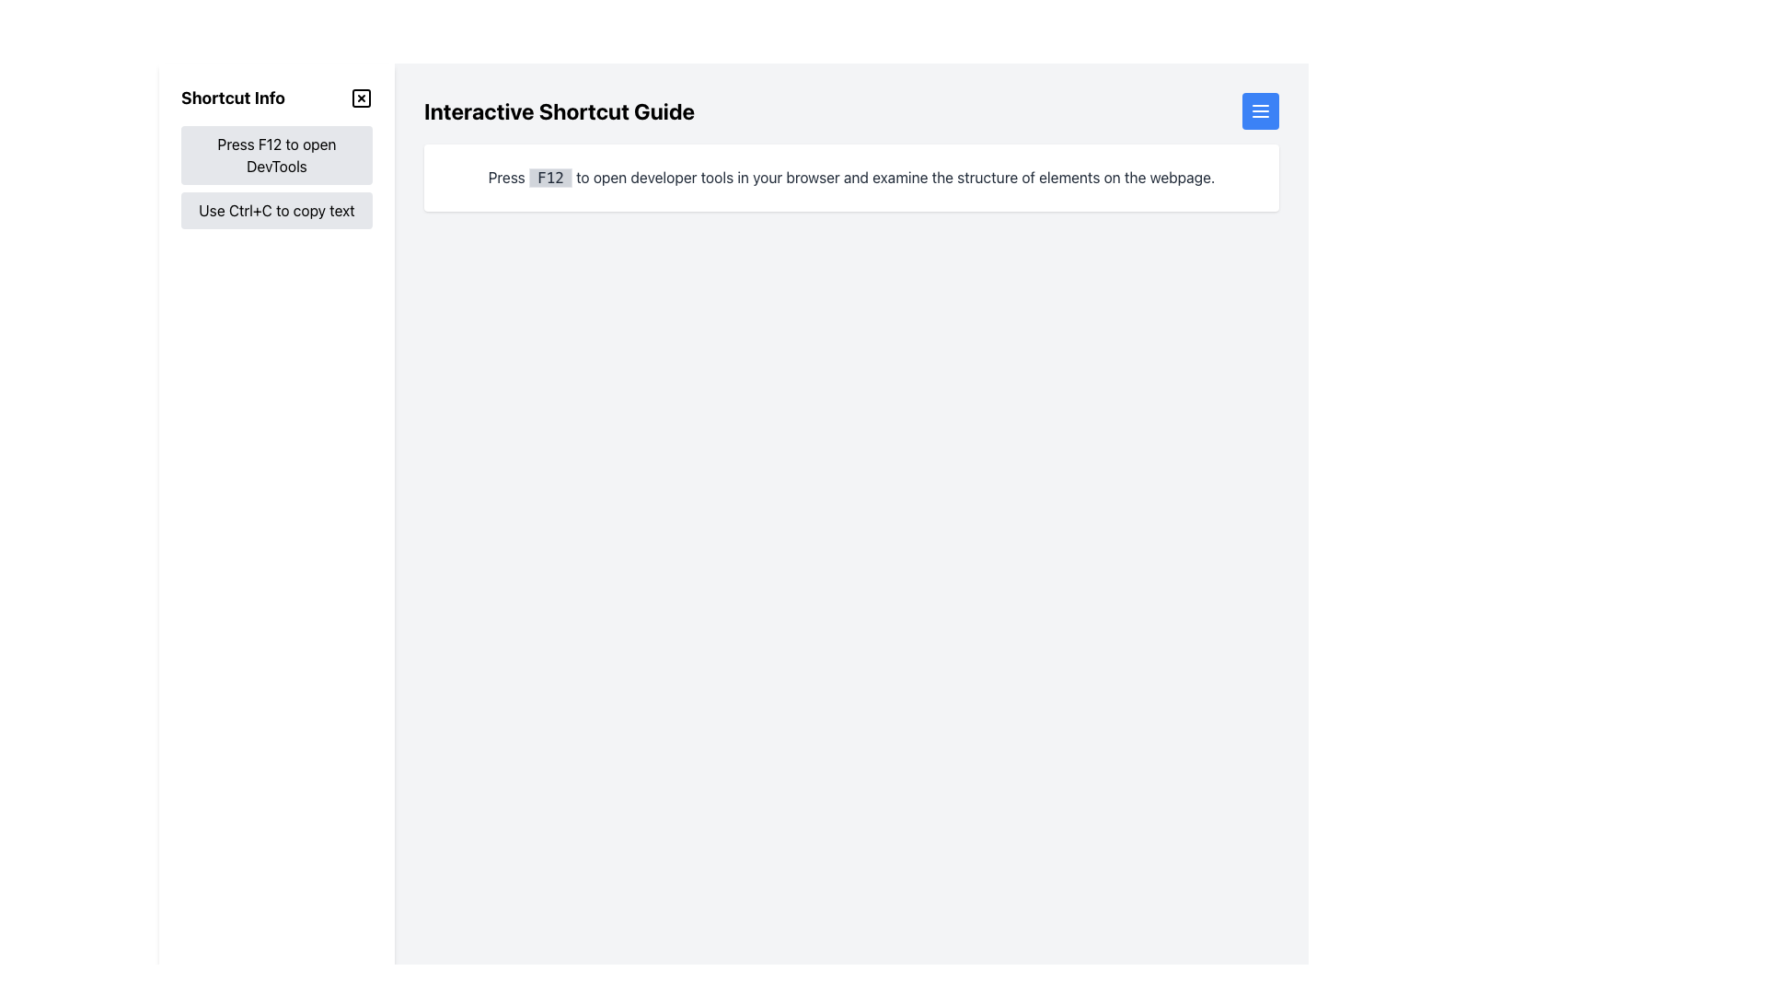 This screenshot has height=994, width=1767. I want to click on the vibrant blue square-shaped button with a menu icon located at the top-right corner of the 'Interactive Shortcut Guide' section, so click(1259, 110).